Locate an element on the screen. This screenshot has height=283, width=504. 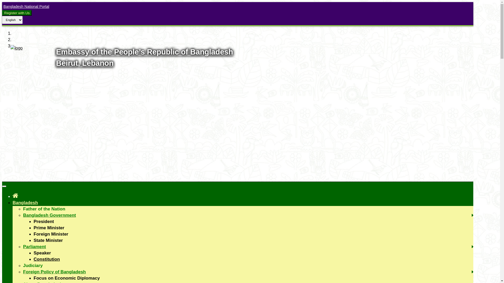
'Focus on Economic Diplomacy' is located at coordinates (66, 278).